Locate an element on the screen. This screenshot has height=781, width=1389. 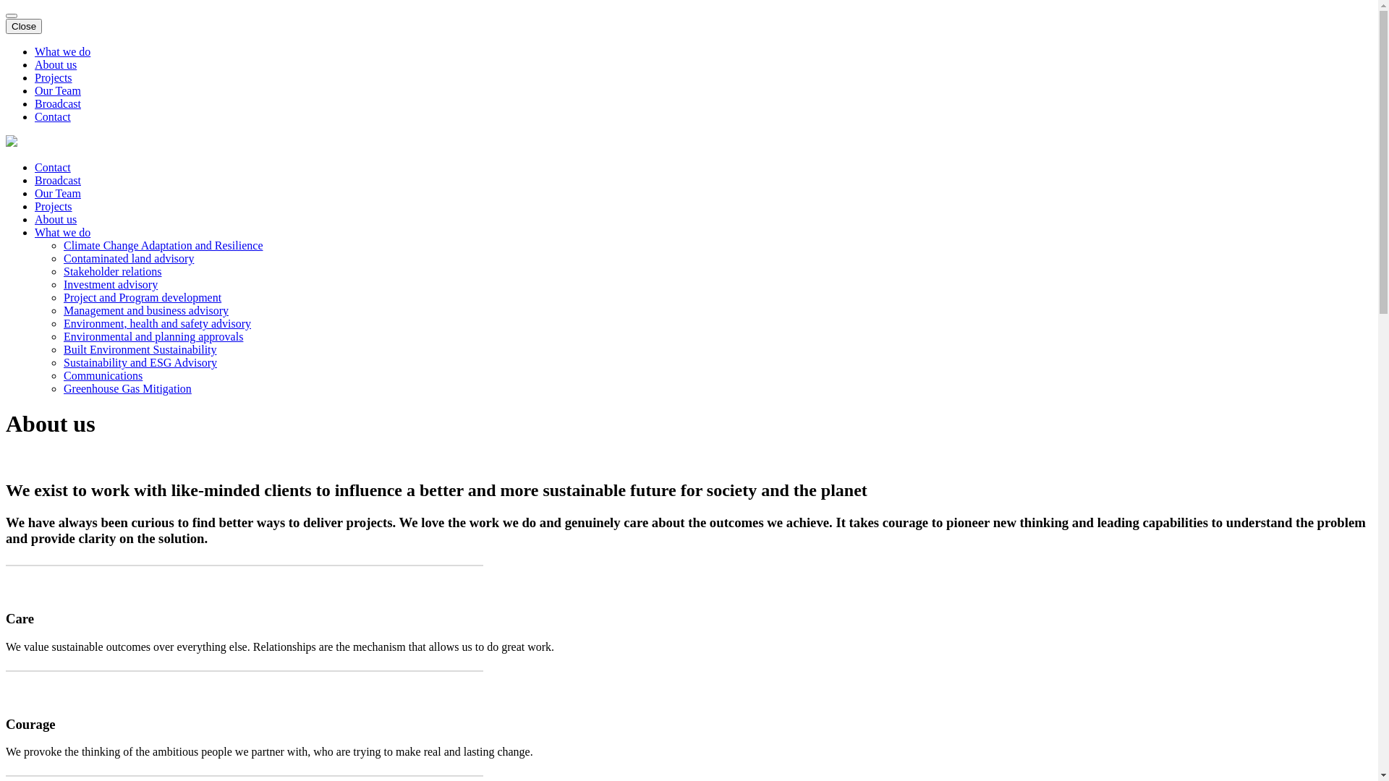
'Project and Program development' is located at coordinates (142, 296).